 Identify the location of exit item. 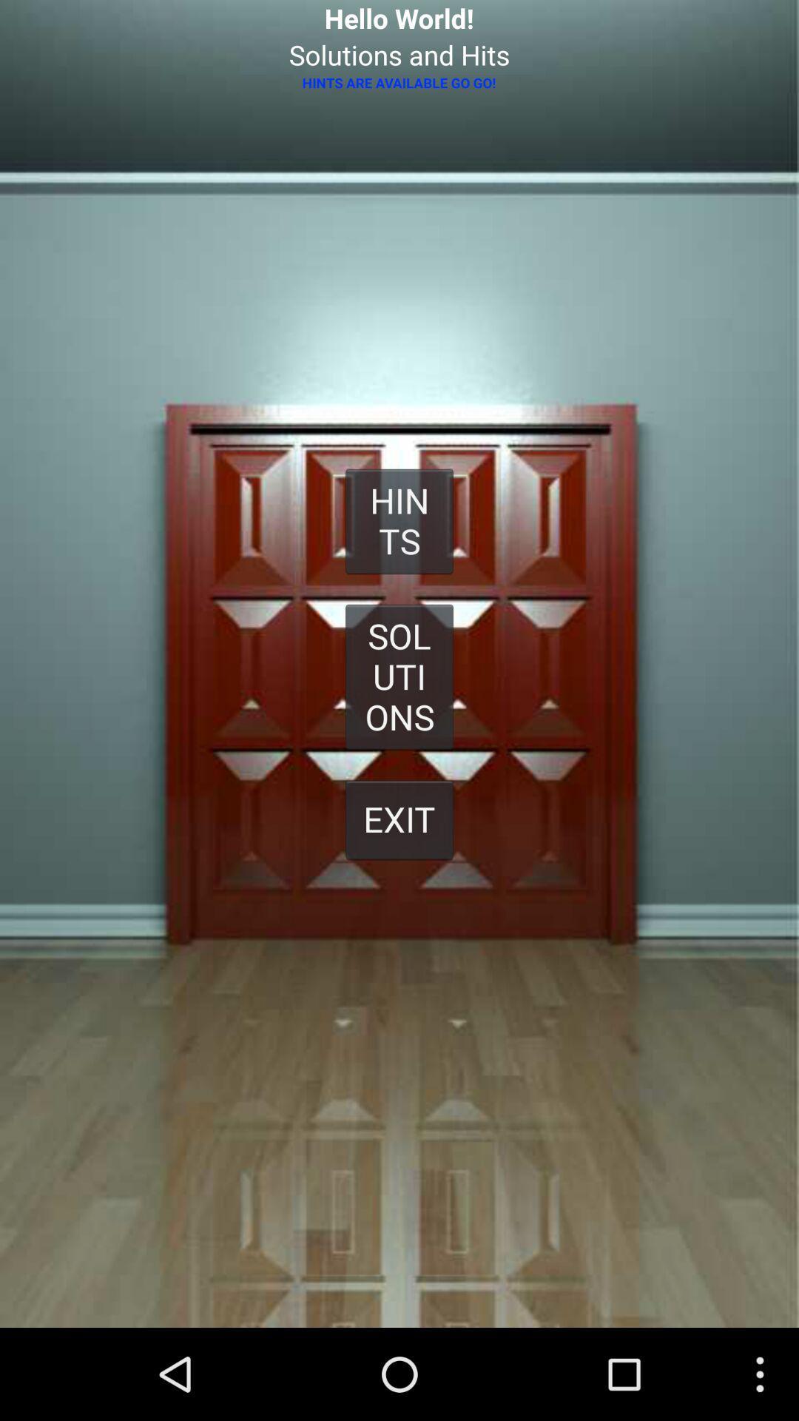
(399, 819).